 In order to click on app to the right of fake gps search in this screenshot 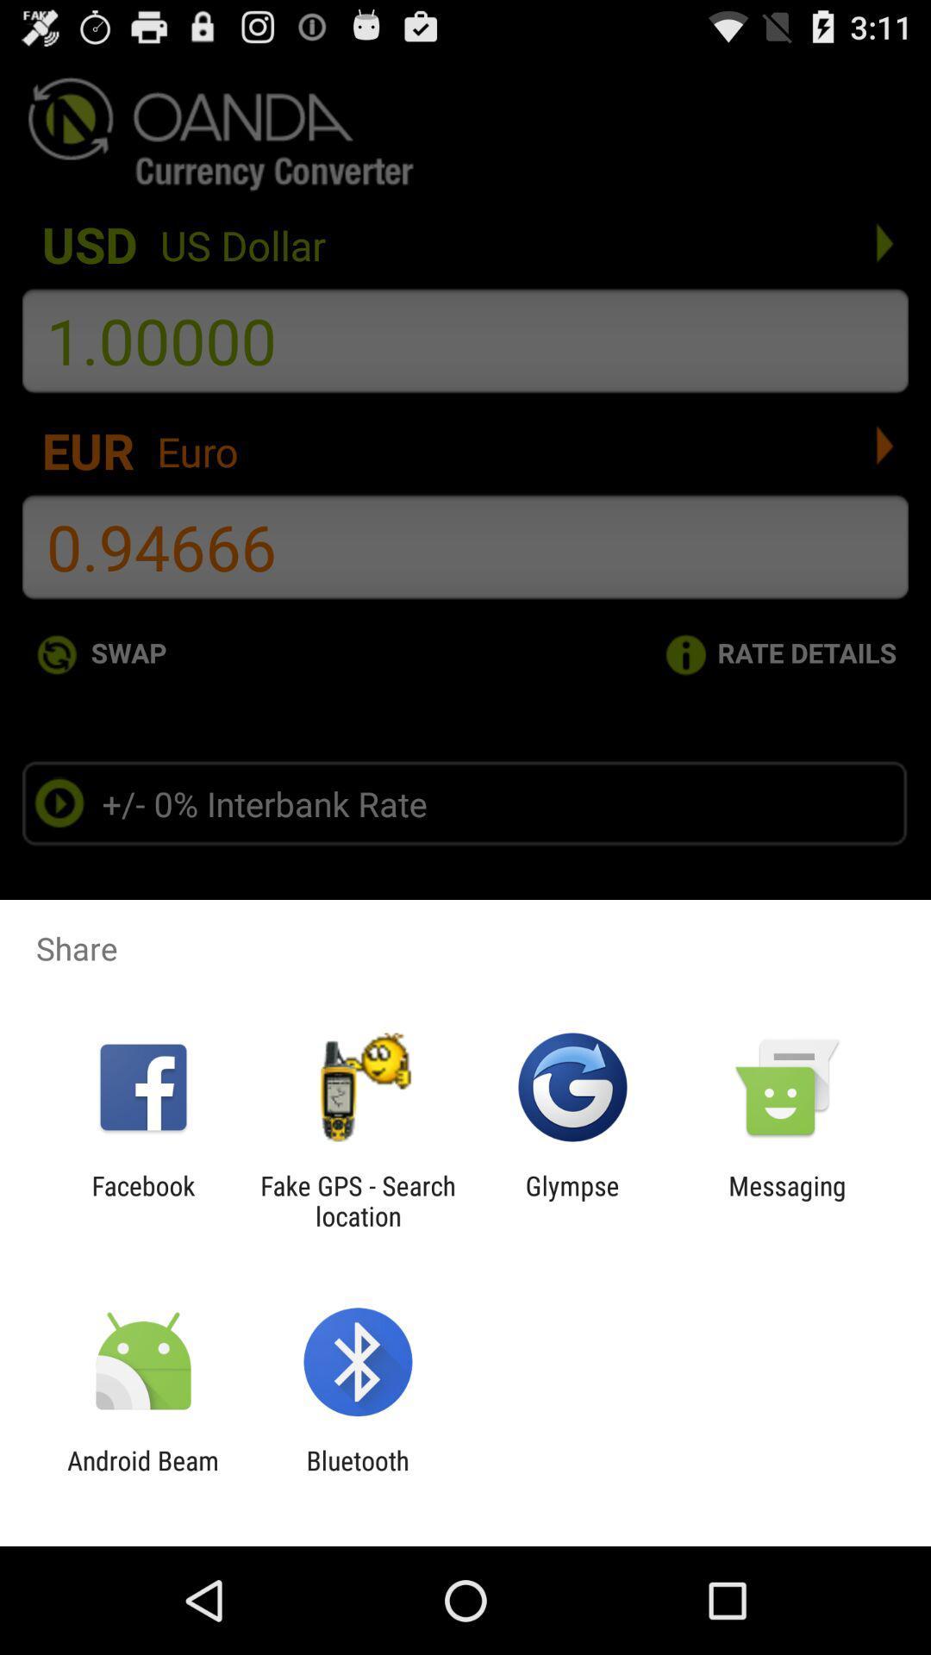, I will do `click(572, 1200)`.